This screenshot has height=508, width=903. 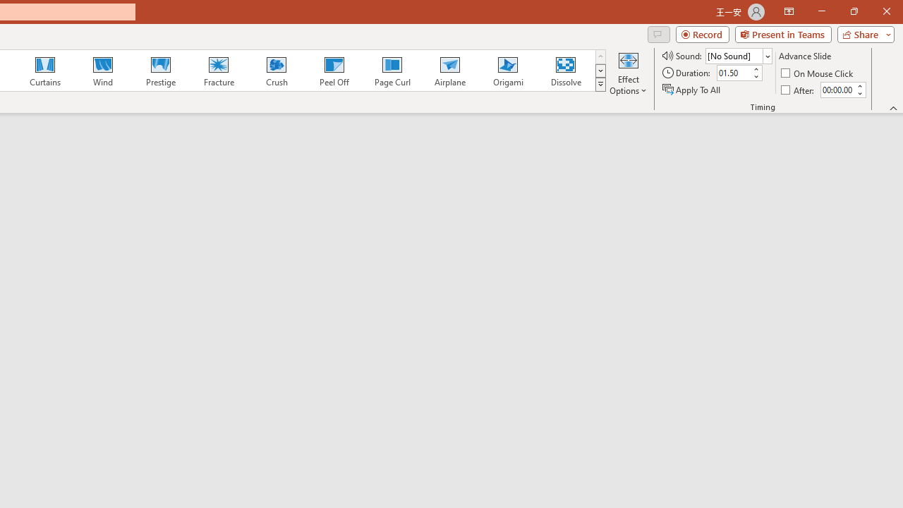 What do you see at coordinates (102, 71) in the screenshot?
I see `'Wind'` at bounding box center [102, 71].